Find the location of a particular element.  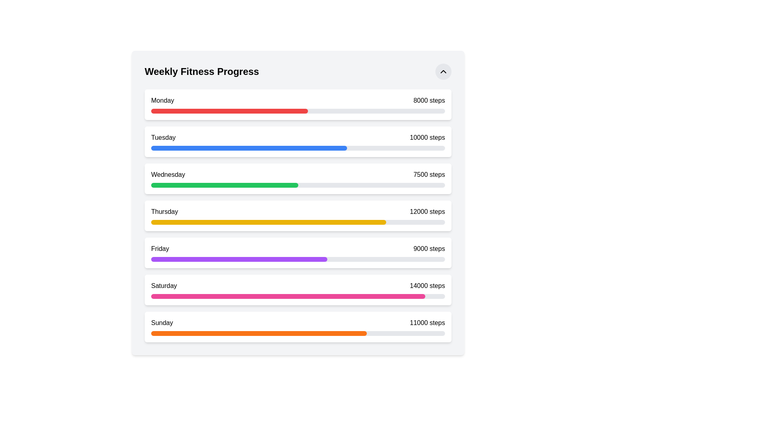

the static text element displaying '11000 steps' that is located in the bottom row labeled 'Sunday', positioned to the far right beside an orange progress bar is located at coordinates (427, 323).